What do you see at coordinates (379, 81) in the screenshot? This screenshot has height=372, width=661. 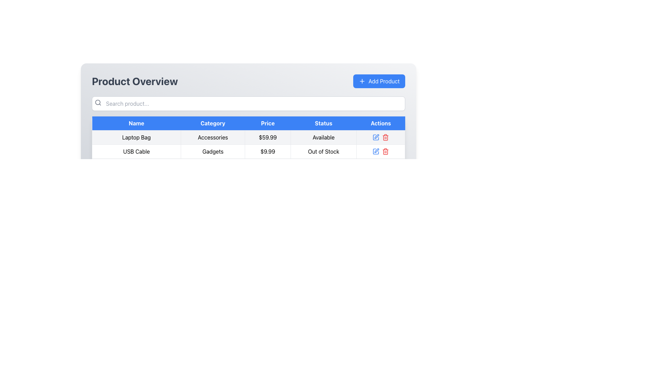 I see `the 'Add Product' button, which has a blue background and white text` at bounding box center [379, 81].